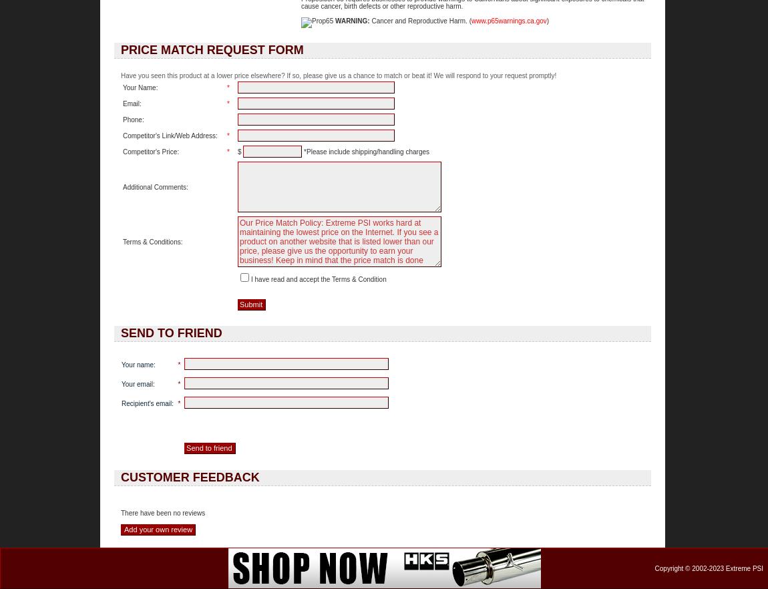 Image resolution: width=768 pixels, height=589 pixels. Describe the element at coordinates (121, 403) in the screenshot. I see `'Recipient's email'` at that location.